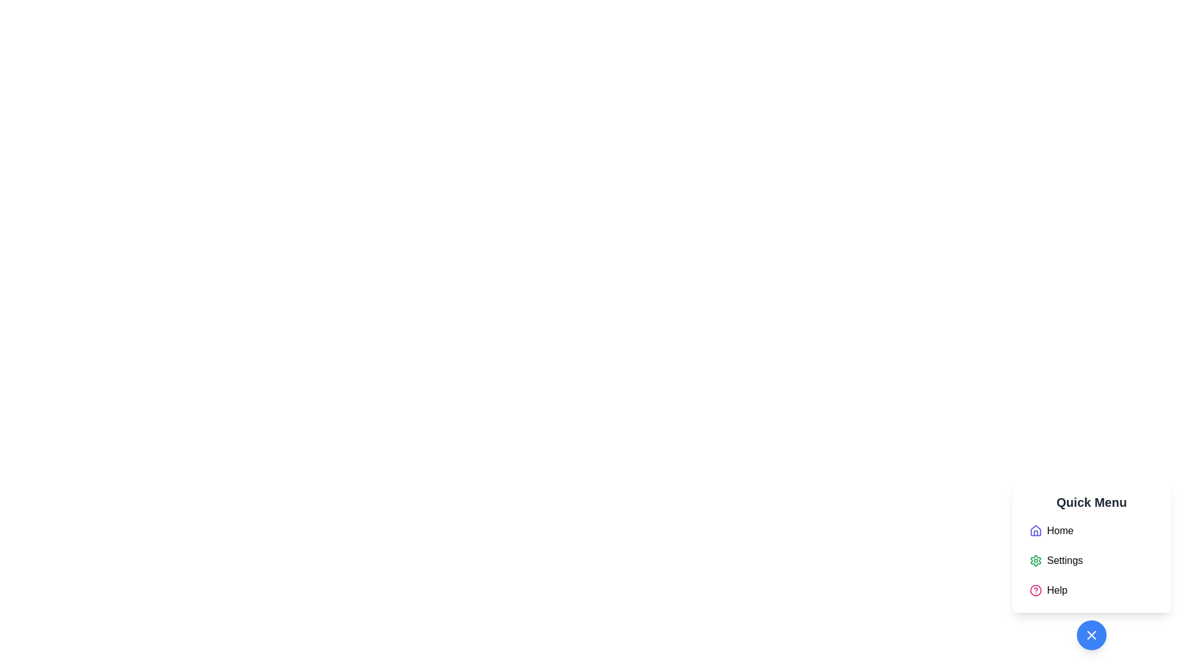 The width and height of the screenshot is (1191, 670). What do you see at coordinates (1059, 530) in the screenshot?
I see `the first item text label` at bounding box center [1059, 530].